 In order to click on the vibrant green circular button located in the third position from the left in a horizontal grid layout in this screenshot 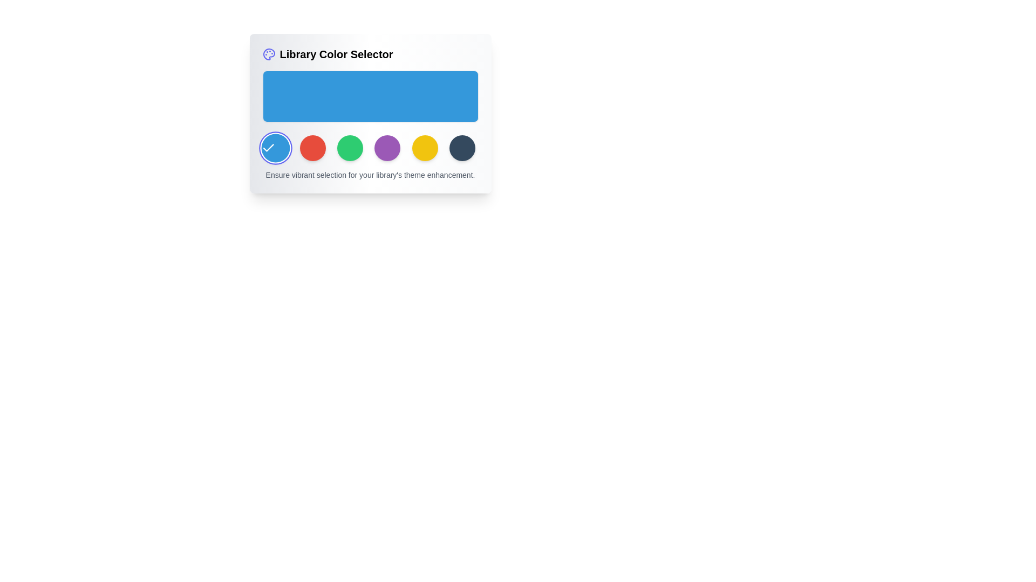, I will do `click(350, 148)`.